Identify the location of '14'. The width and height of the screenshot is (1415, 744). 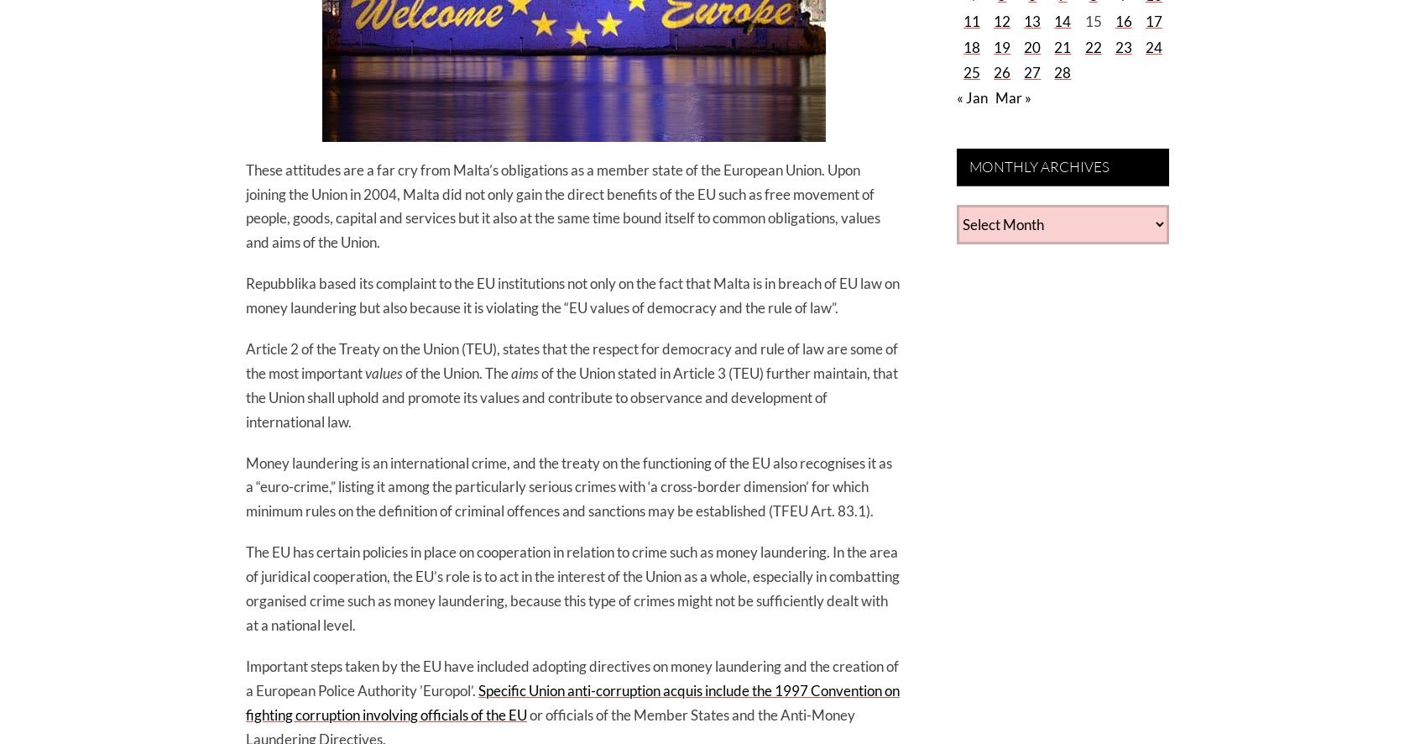
(1053, 20).